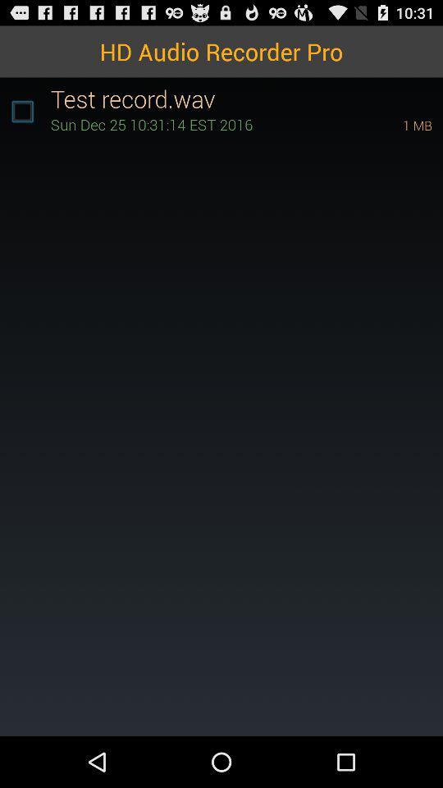  Describe the element at coordinates (21, 111) in the screenshot. I see `app to the left of the test record.wav icon` at that location.